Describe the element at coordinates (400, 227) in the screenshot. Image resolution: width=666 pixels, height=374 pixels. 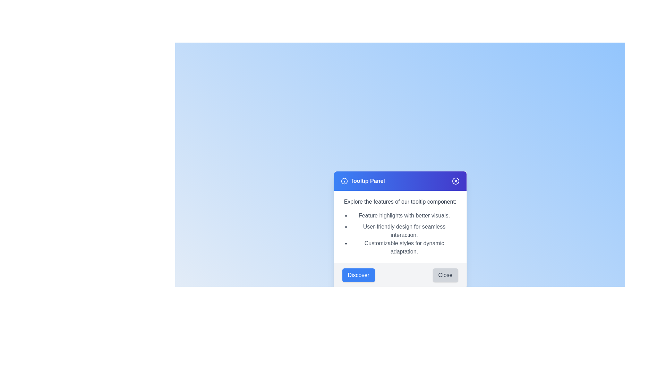
I see `text from the Text Block located in the middle of the tooltip panel, positioned below the 'Tooltip Panel' header and above the action buttons 'Discover' and 'Close'` at that location.